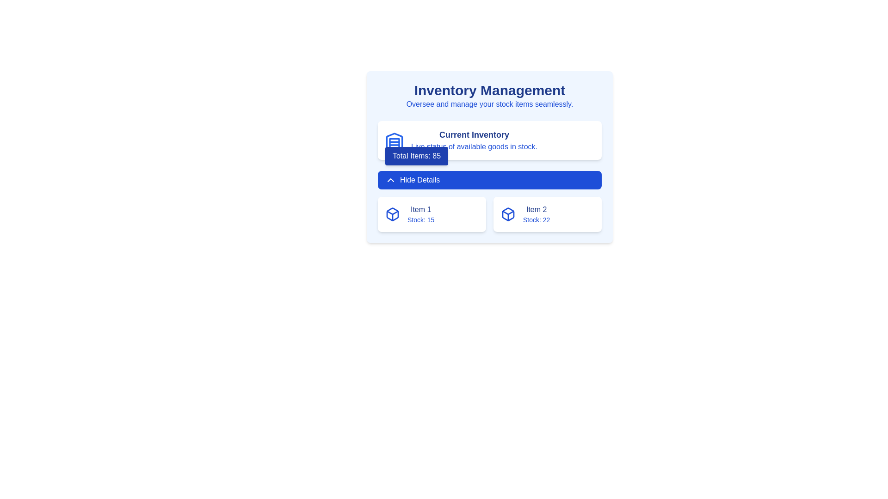  What do you see at coordinates (489, 91) in the screenshot?
I see `the main heading text label for the inventory management section, which provides immediate context about the content` at bounding box center [489, 91].